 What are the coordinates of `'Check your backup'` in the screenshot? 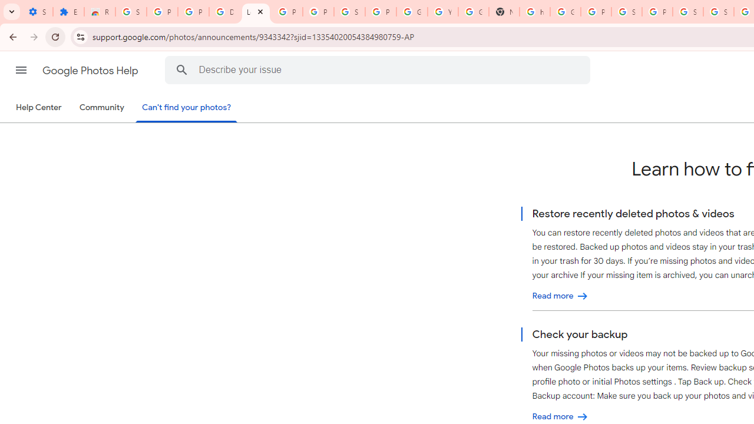 It's located at (560, 416).